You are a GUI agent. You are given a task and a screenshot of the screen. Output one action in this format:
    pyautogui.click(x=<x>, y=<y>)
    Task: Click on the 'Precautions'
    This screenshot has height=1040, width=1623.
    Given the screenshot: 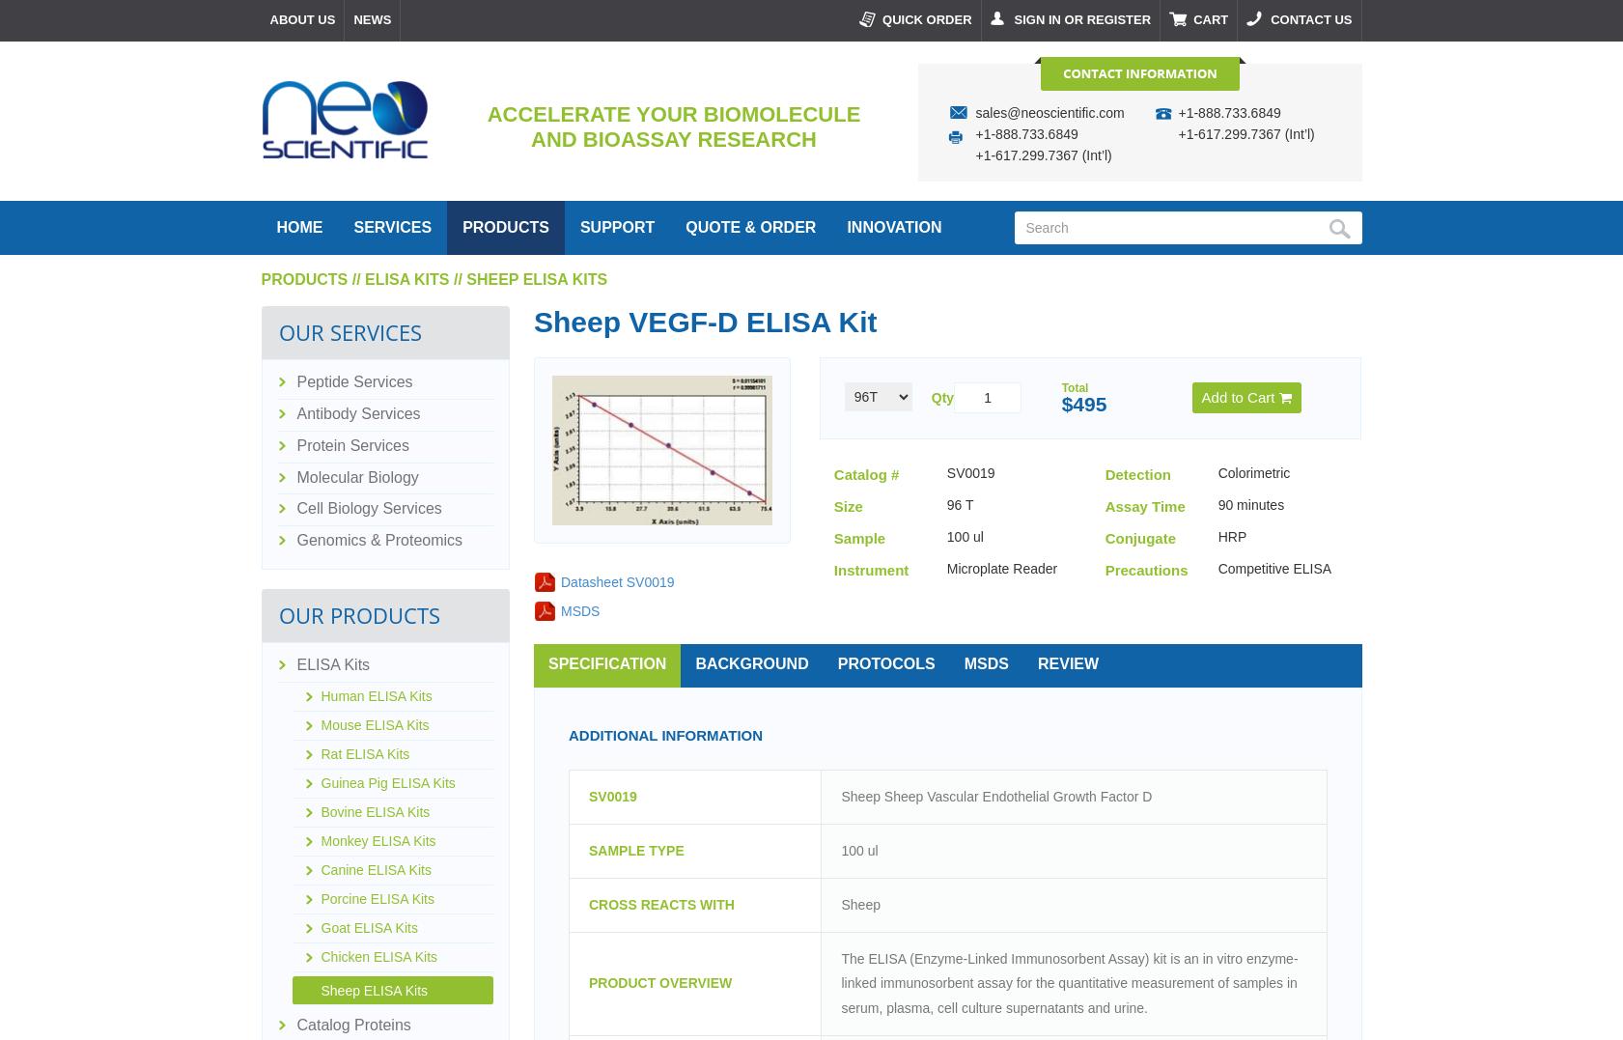 What is the action you would take?
    pyautogui.click(x=1145, y=568)
    